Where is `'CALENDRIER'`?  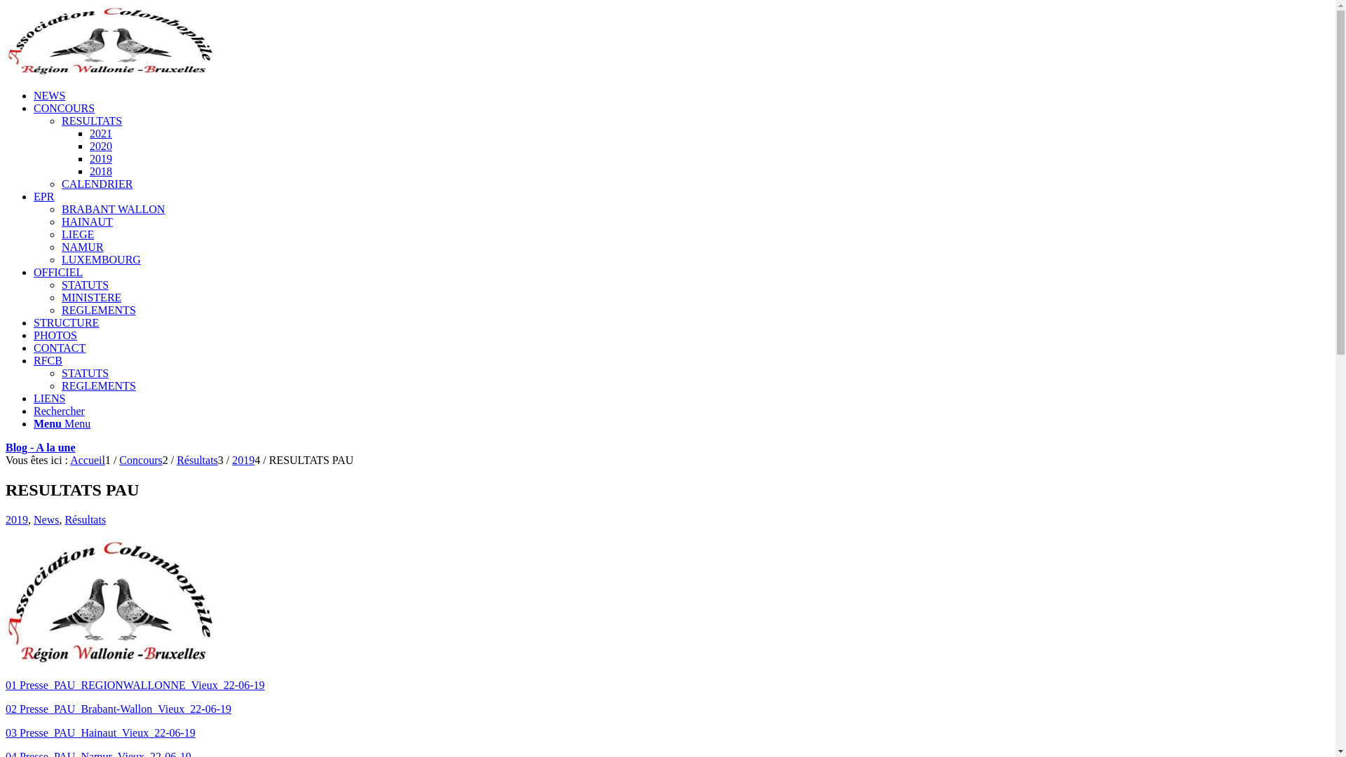
'CALENDRIER' is located at coordinates (96, 183).